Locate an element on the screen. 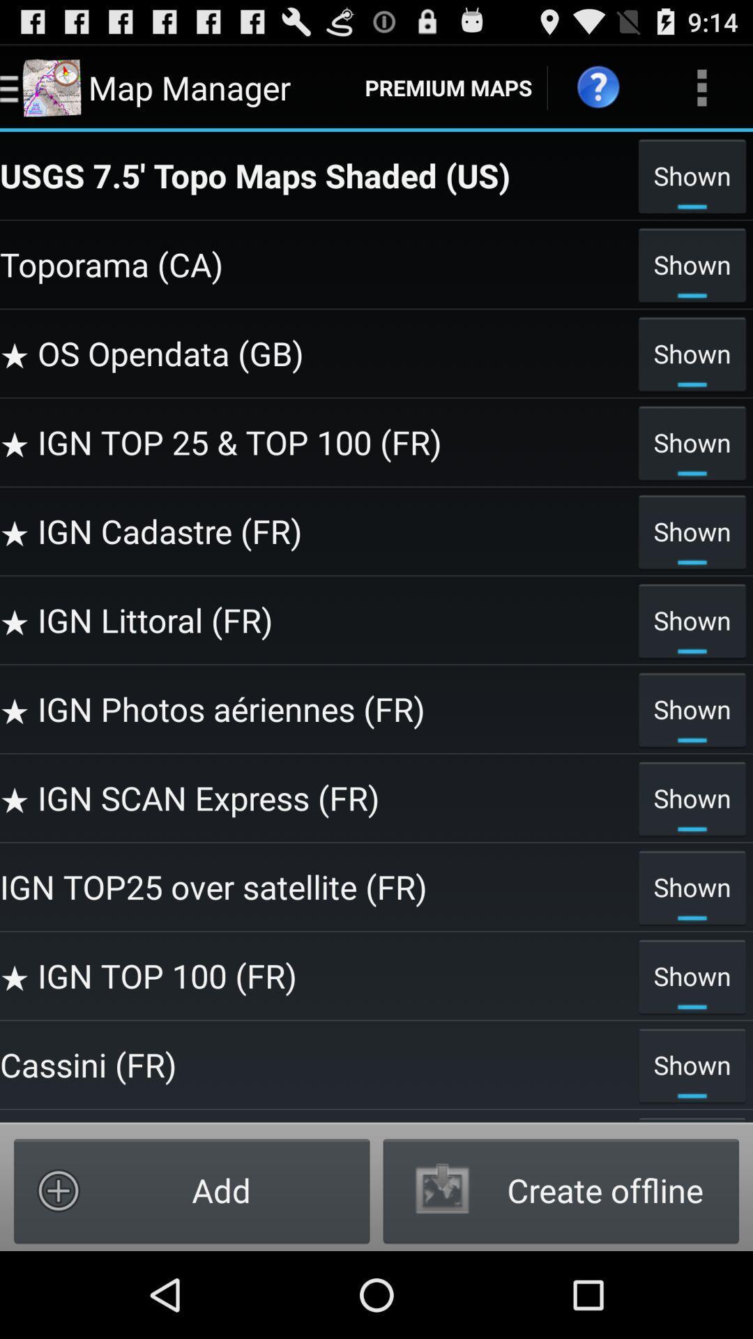 The height and width of the screenshot is (1339, 753). icon next to the shown is located at coordinates (315, 619).